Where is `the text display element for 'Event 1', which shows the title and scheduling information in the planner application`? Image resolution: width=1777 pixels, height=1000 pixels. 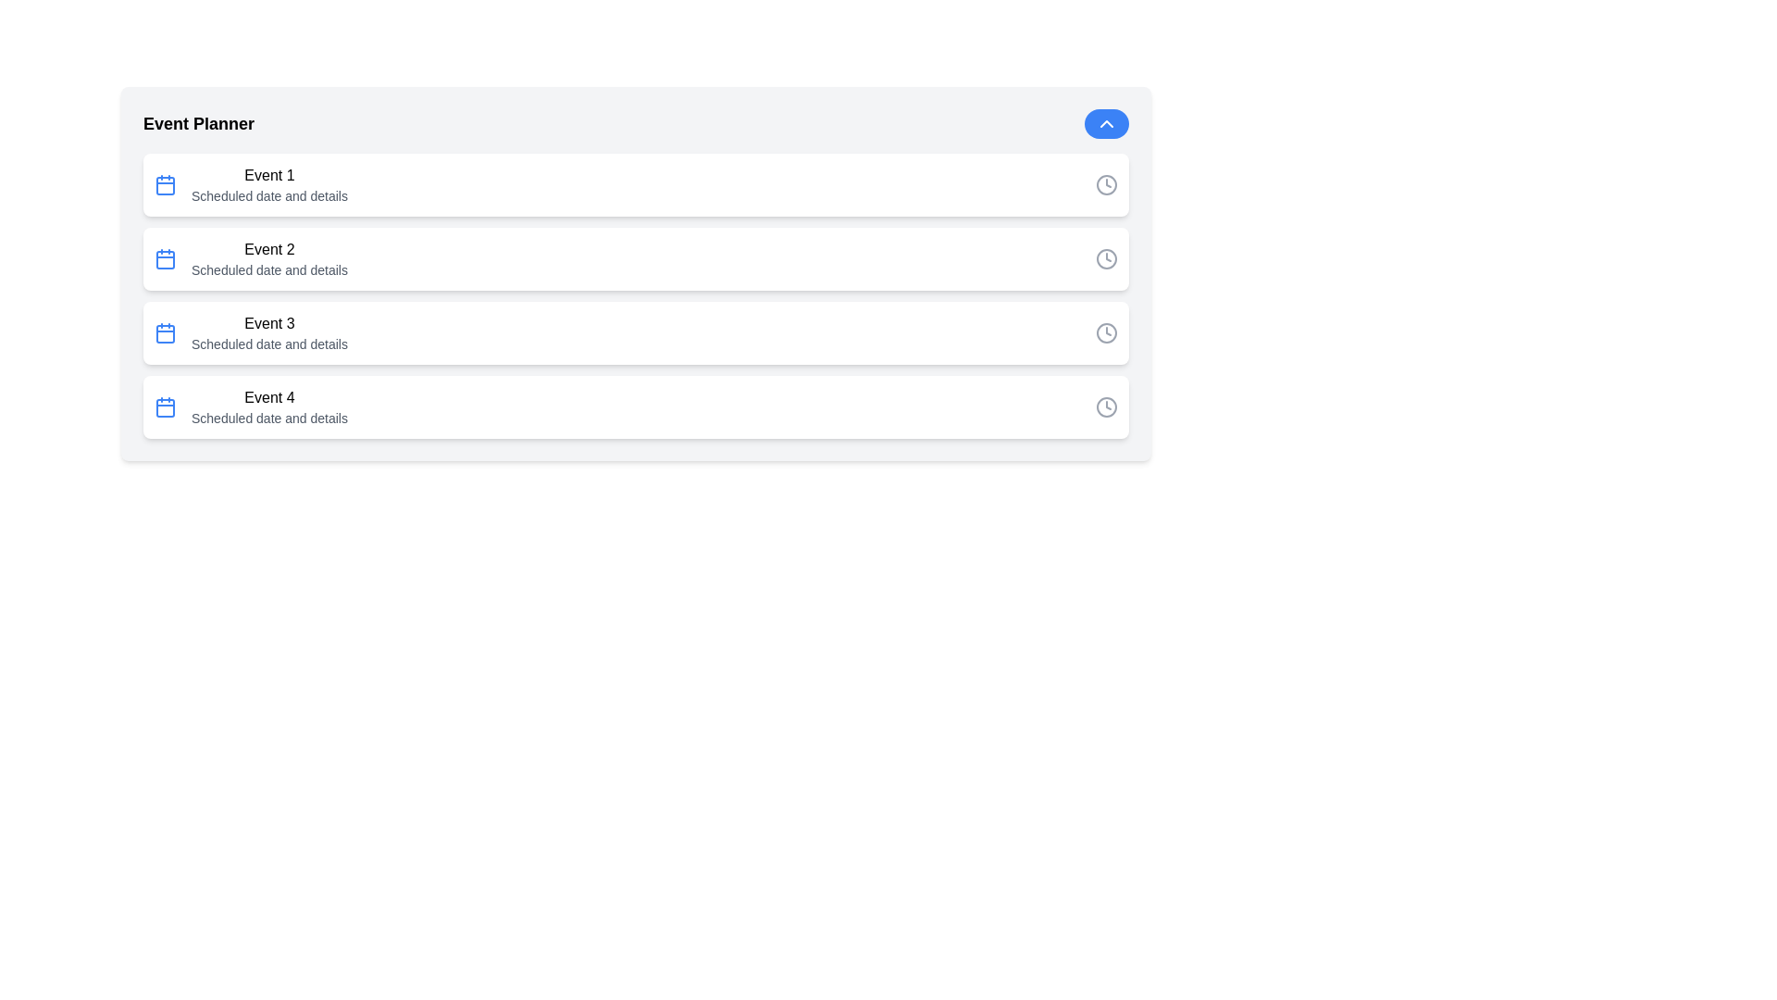 the text display element for 'Event 1', which shows the title and scheduling information in the planner application is located at coordinates (268, 185).